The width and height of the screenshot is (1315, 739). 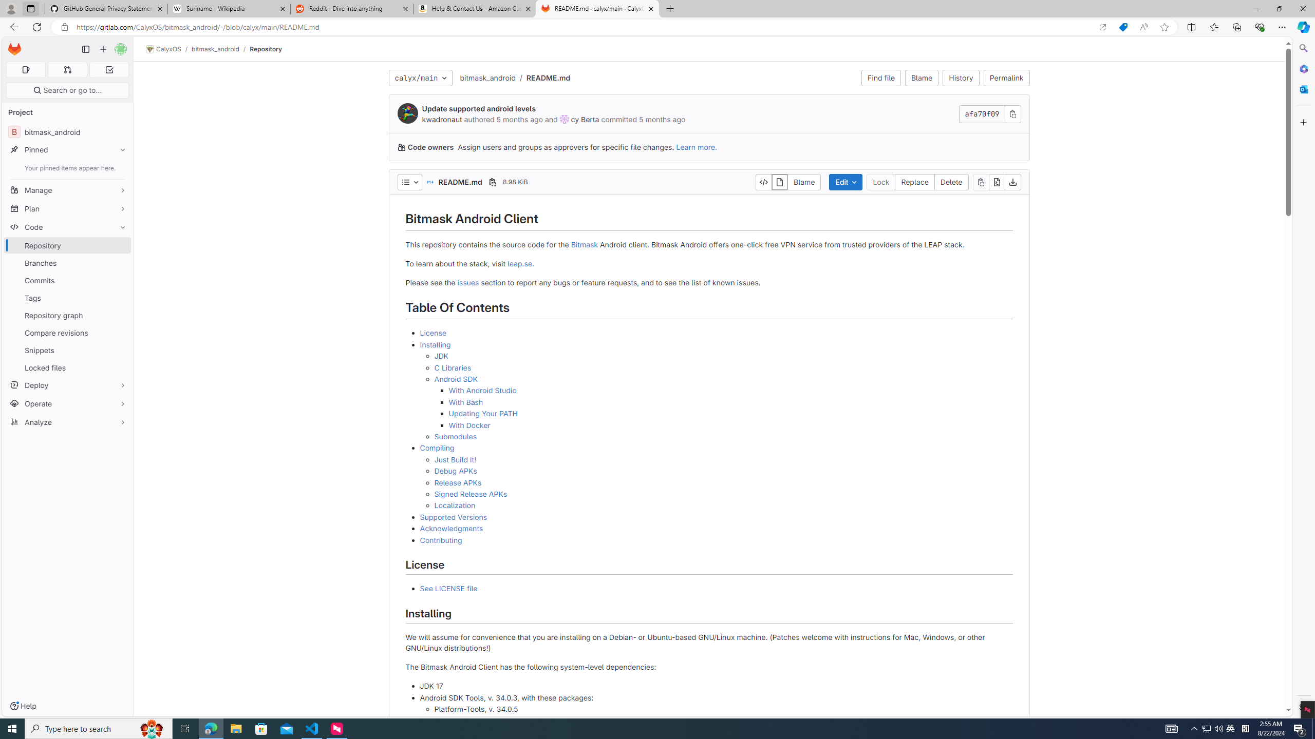 What do you see at coordinates (85, 49) in the screenshot?
I see `'Primary navigation sidebar'` at bounding box center [85, 49].